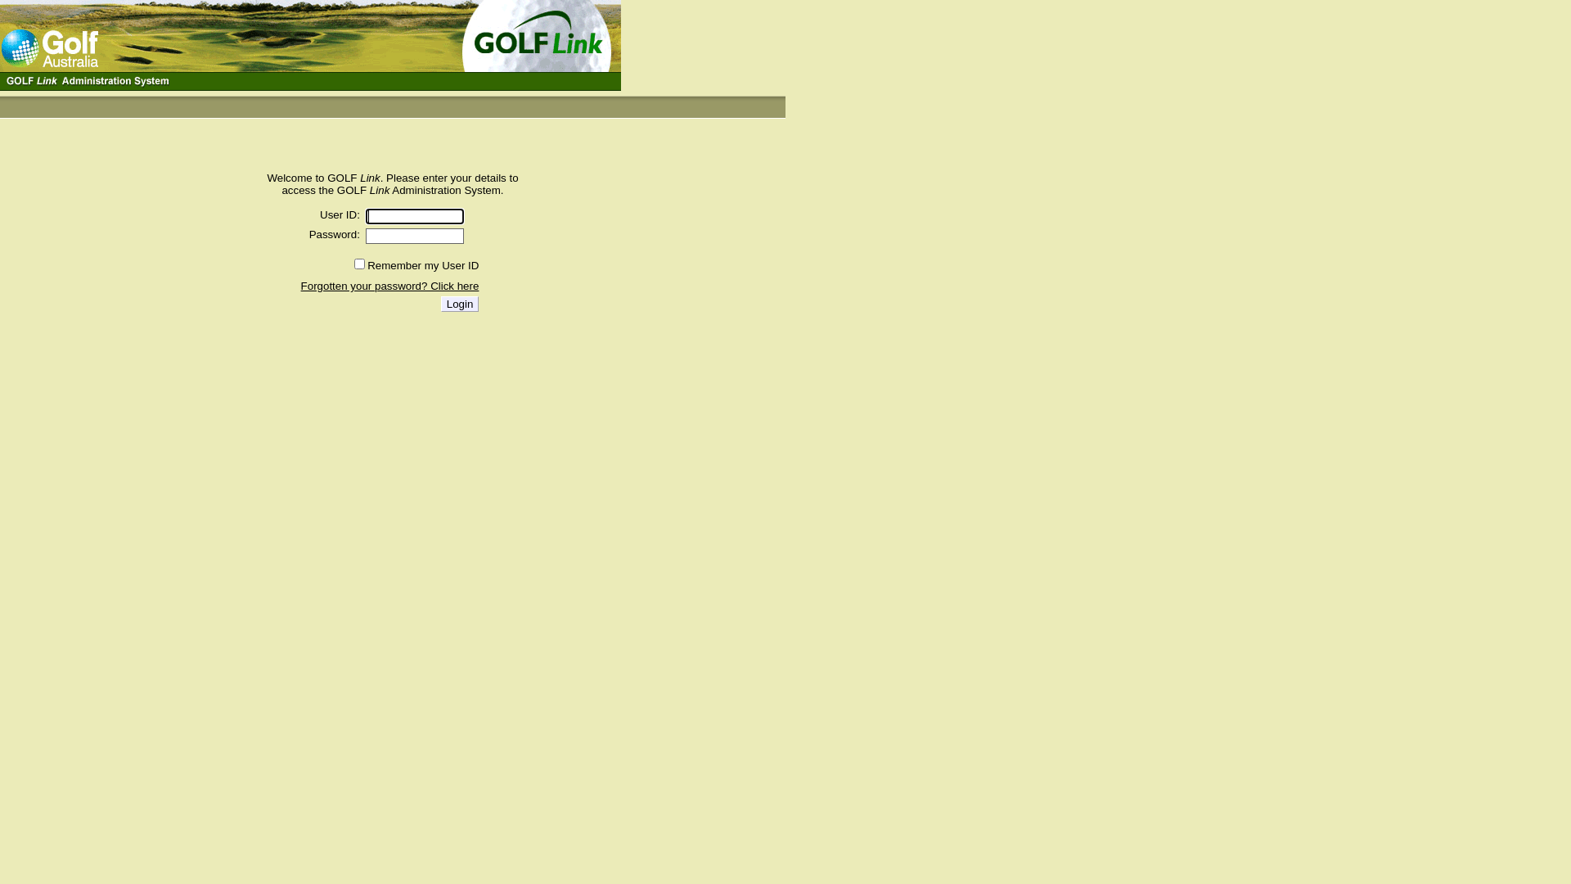  I want to click on 'Login', so click(459, 304).